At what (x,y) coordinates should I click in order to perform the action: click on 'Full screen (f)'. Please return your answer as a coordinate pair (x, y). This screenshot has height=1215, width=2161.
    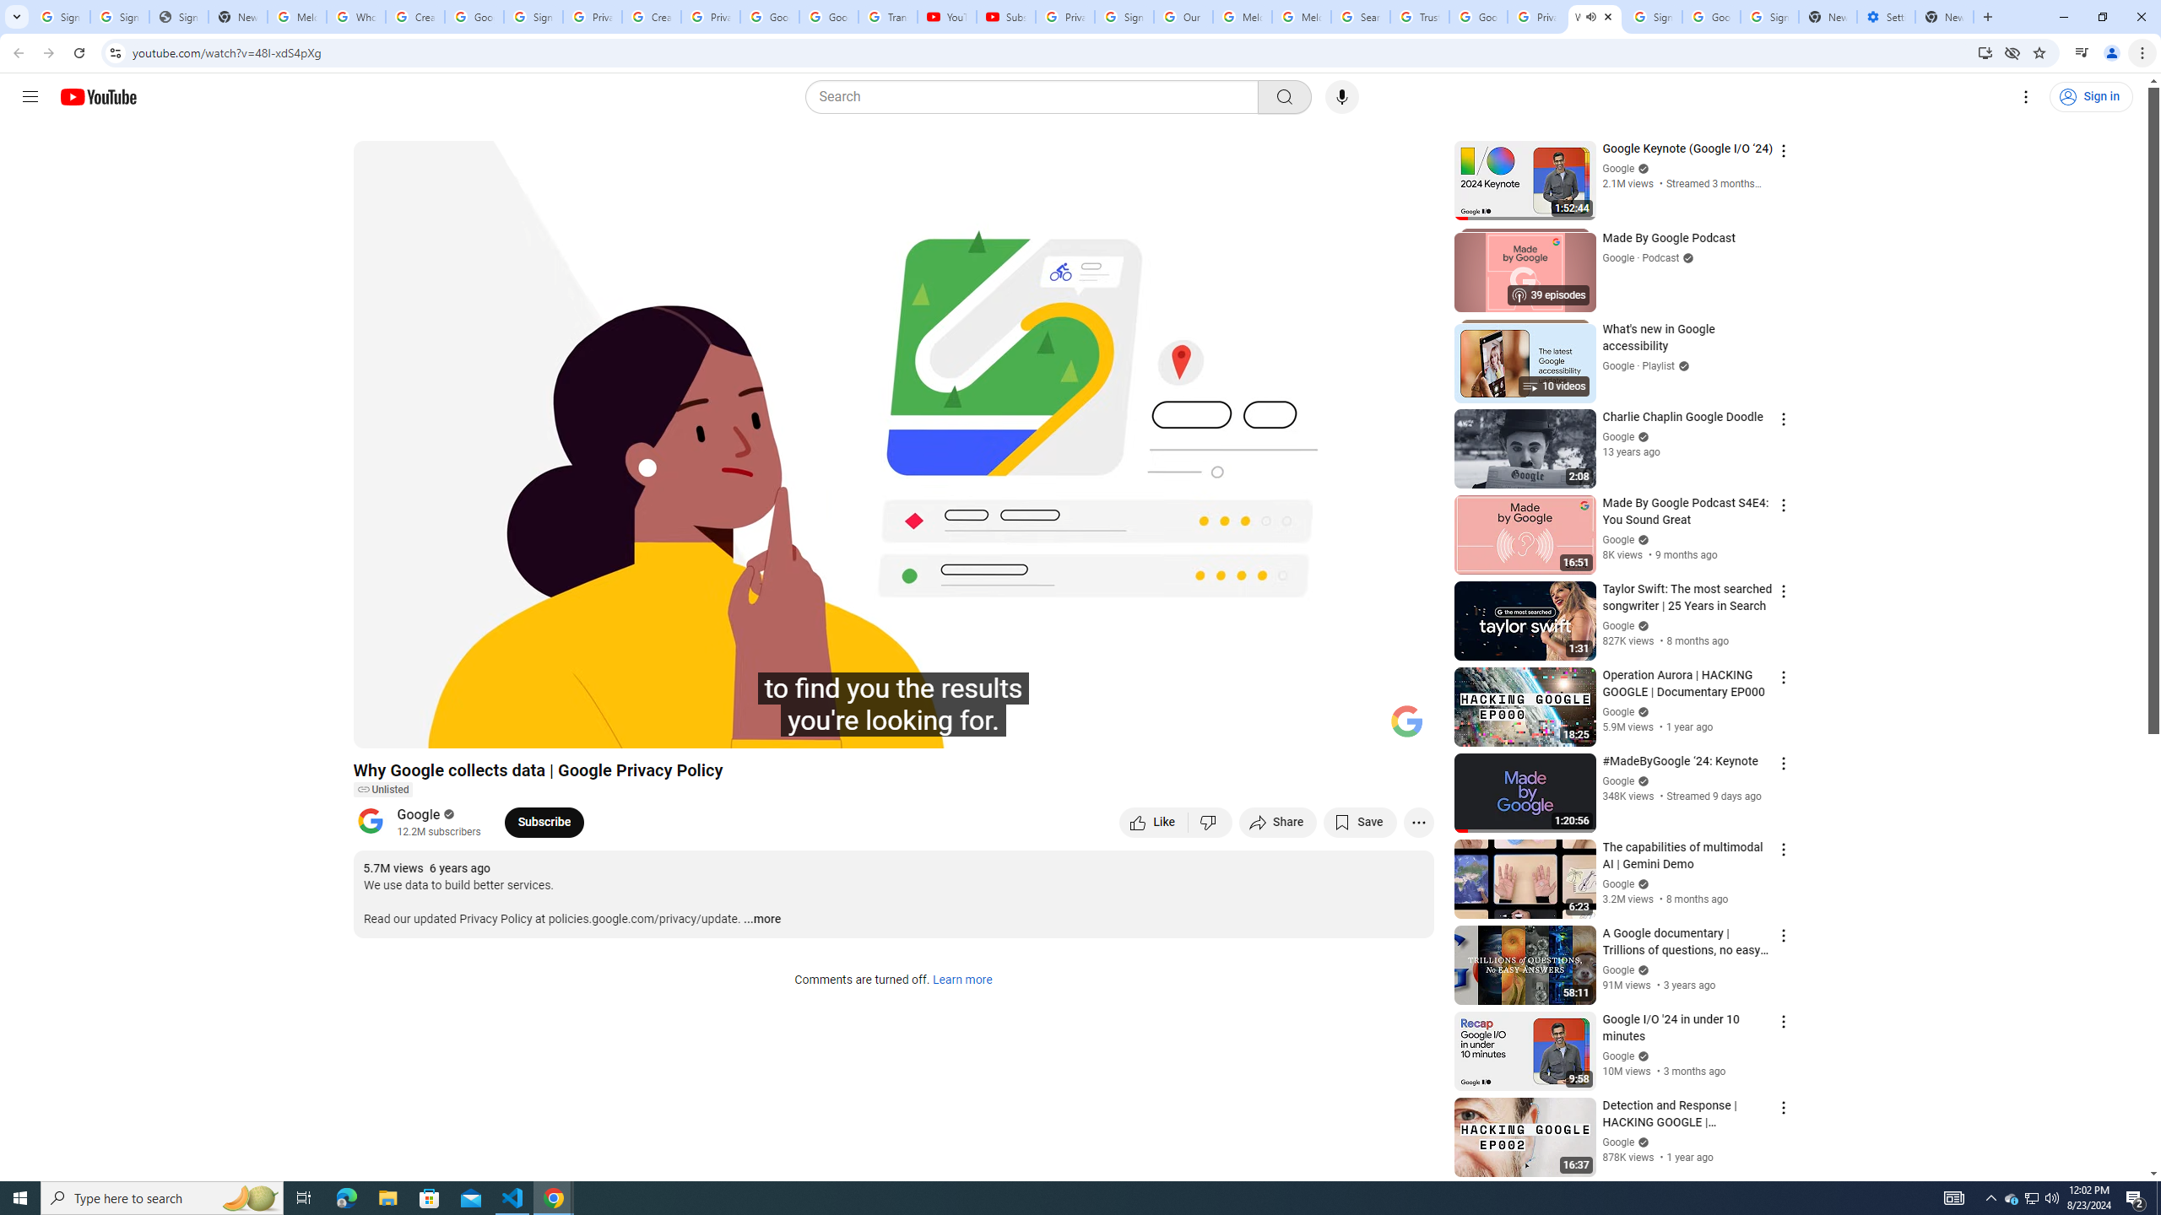
    Looking at the image, I should click on (1403, 727).